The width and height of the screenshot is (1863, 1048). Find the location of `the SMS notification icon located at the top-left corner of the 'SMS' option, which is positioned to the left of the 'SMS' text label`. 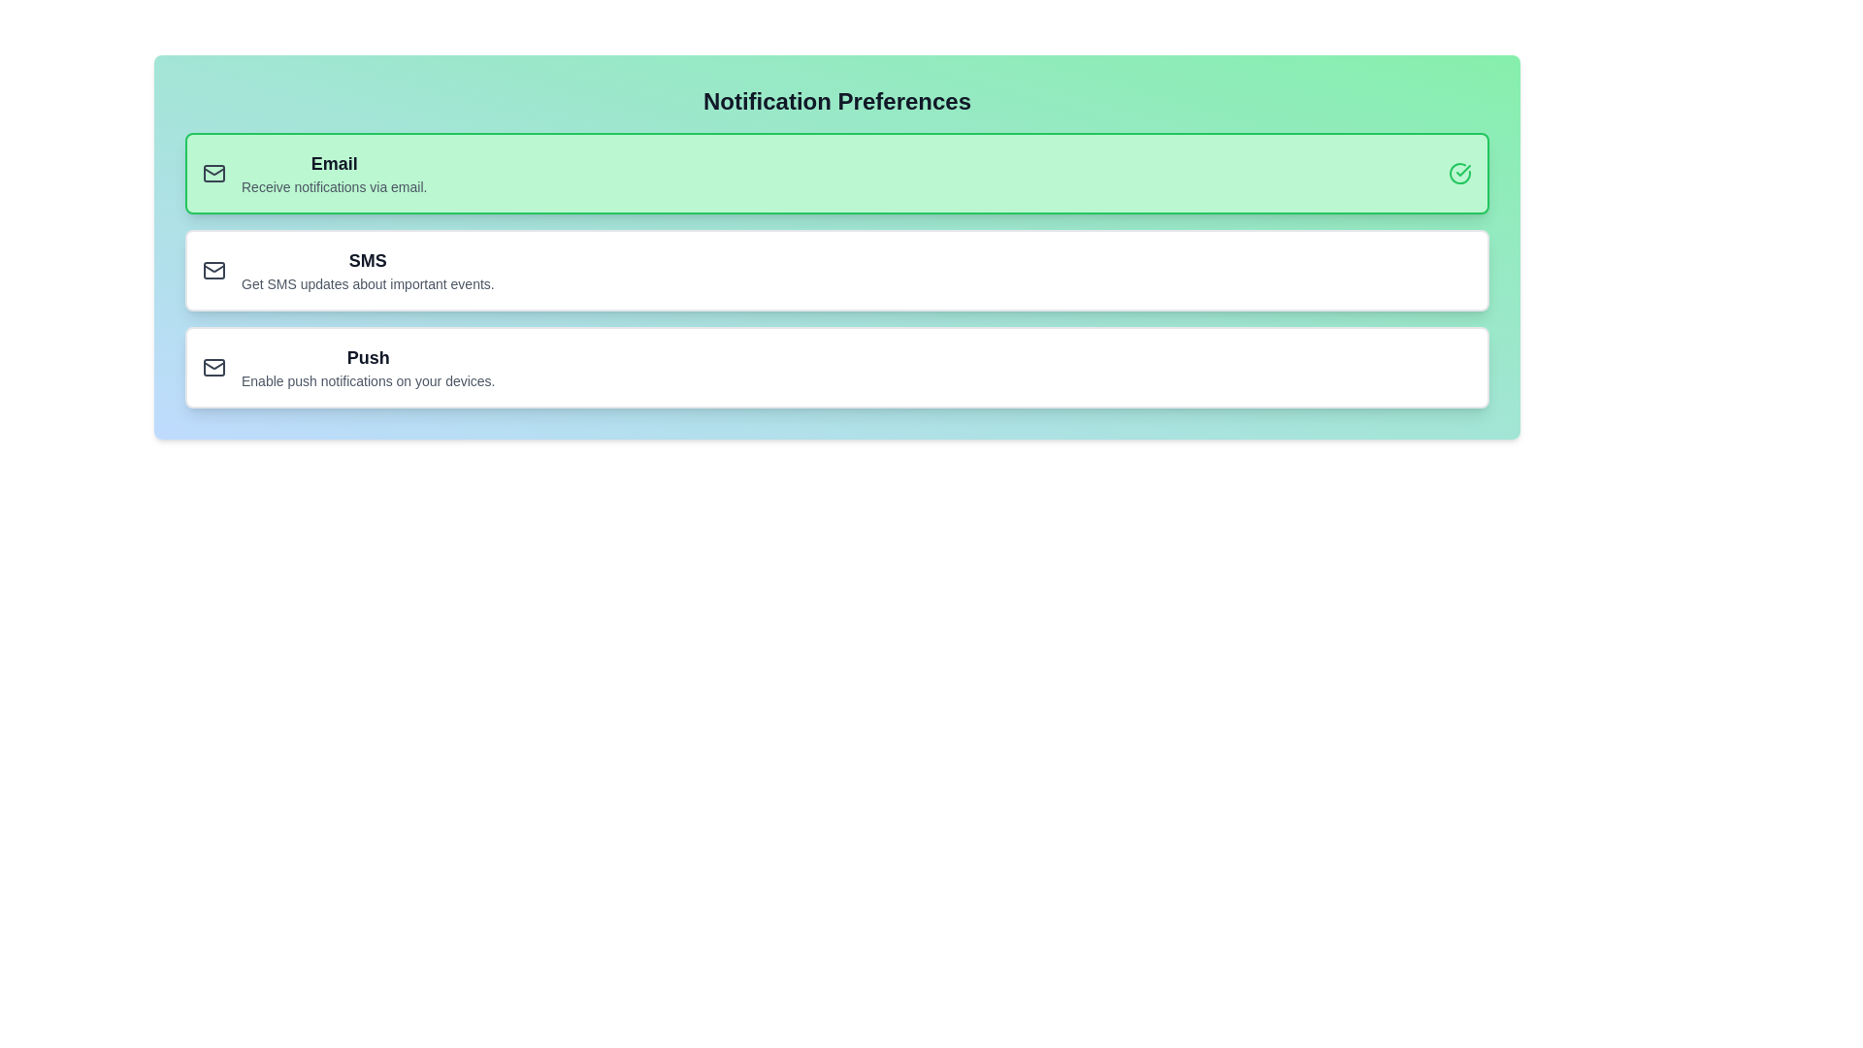

the SMS notification icon located at the top-left corner of the 'SMS' option, which is positioned to the left of the 'SMS' text label is located at coordinates (213, 270).